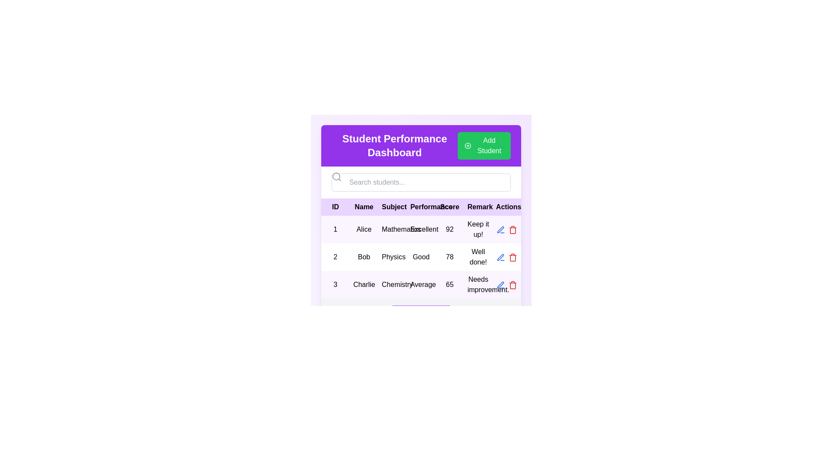 The image size is (829, 466). I want to click on the 'Subject' table header cell, which is the third column header in a table of seven headers, styled in bold on a light purple background, so click(392, 207).